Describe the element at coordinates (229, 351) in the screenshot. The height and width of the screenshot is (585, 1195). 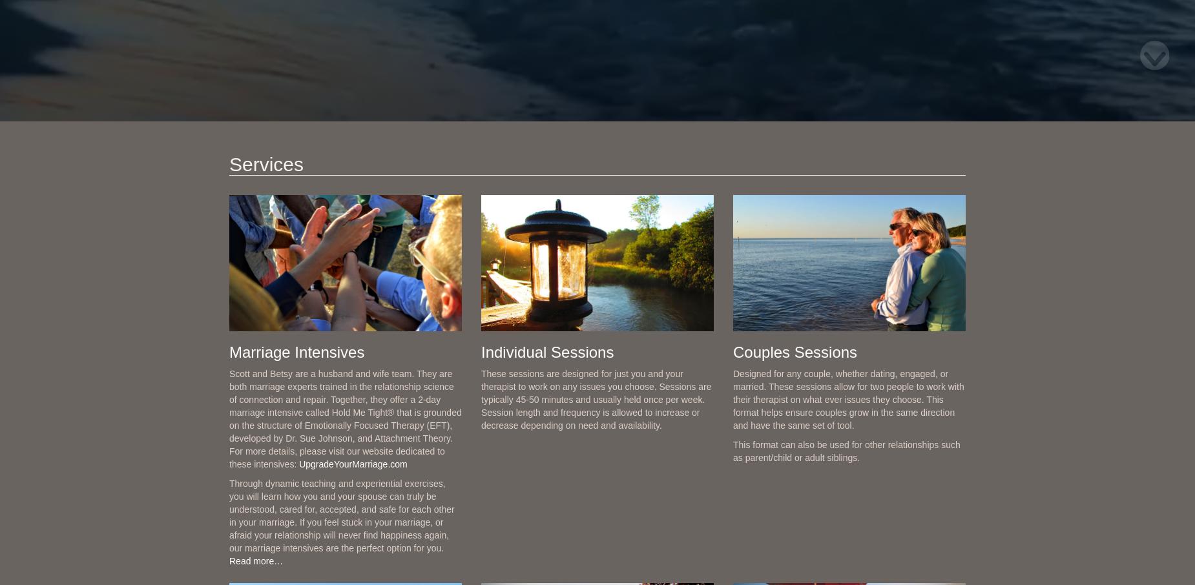
I see `'Marriage Intensives'` at that location.